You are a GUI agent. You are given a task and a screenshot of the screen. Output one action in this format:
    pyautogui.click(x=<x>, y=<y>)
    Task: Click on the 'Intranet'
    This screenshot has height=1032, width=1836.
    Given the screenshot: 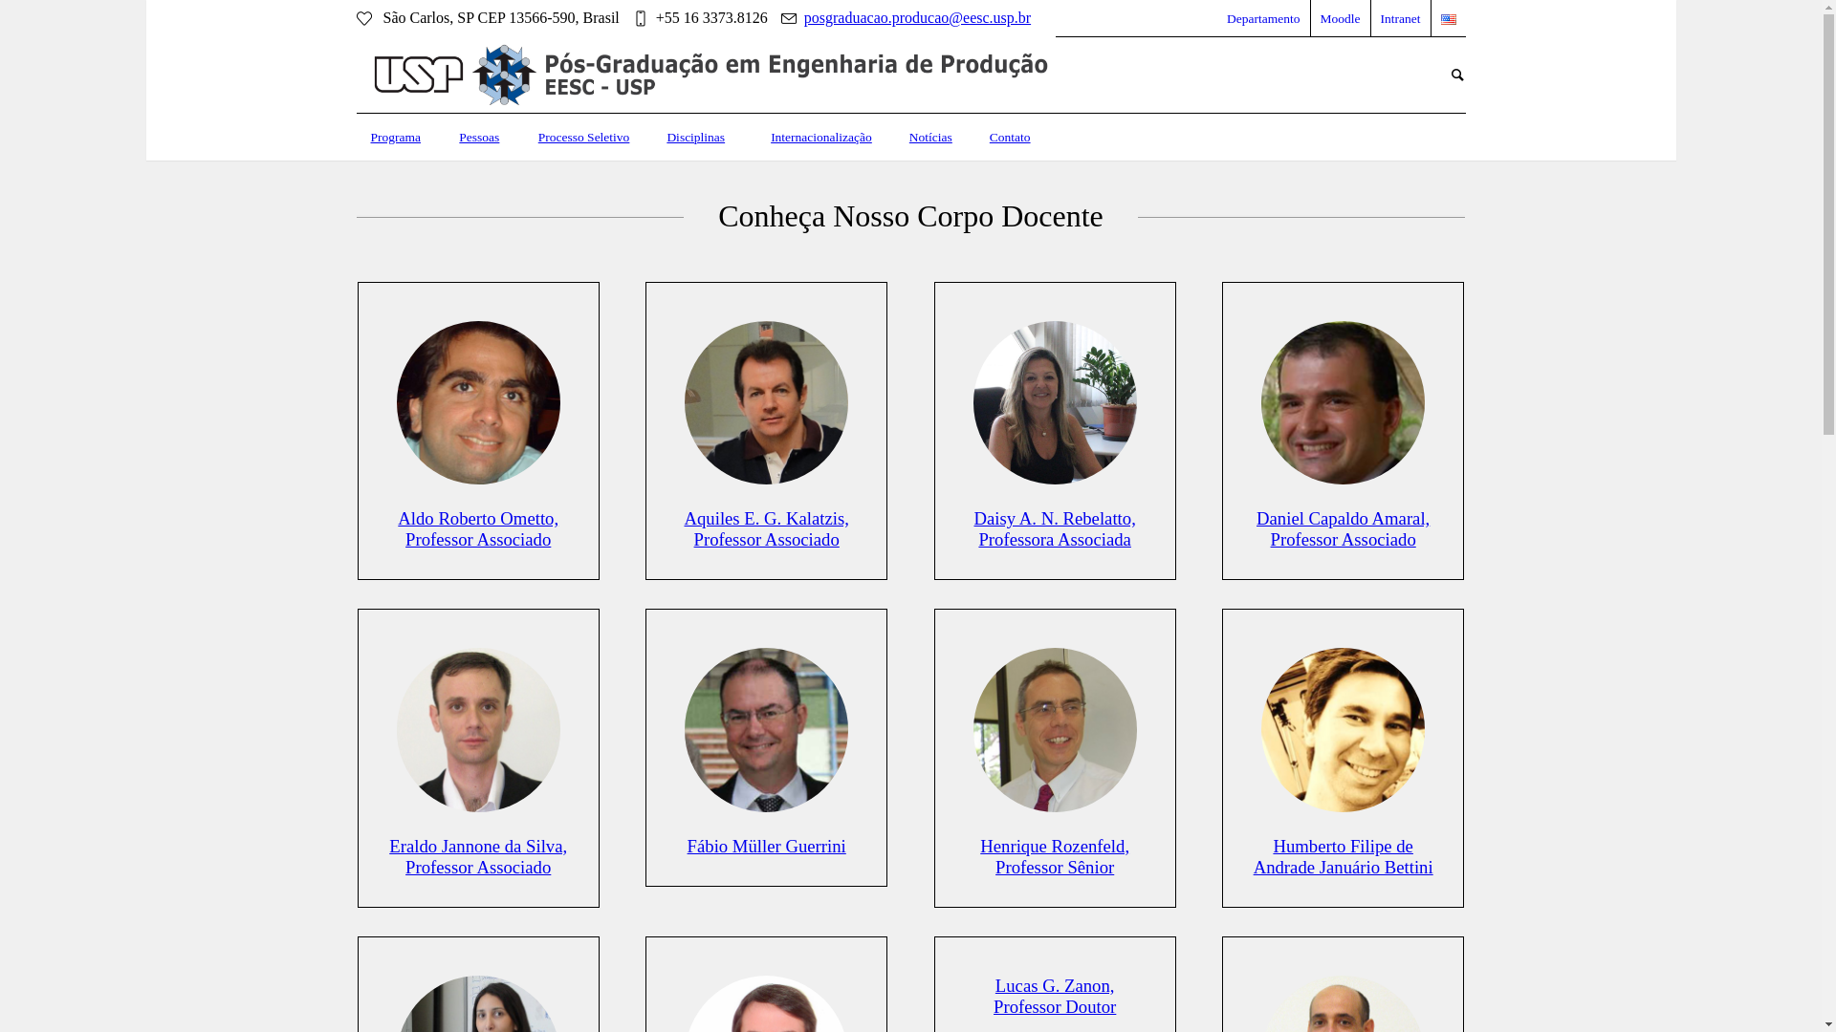 What is the action you would take?
    pyautogui.click(x=1400, y=18)
    